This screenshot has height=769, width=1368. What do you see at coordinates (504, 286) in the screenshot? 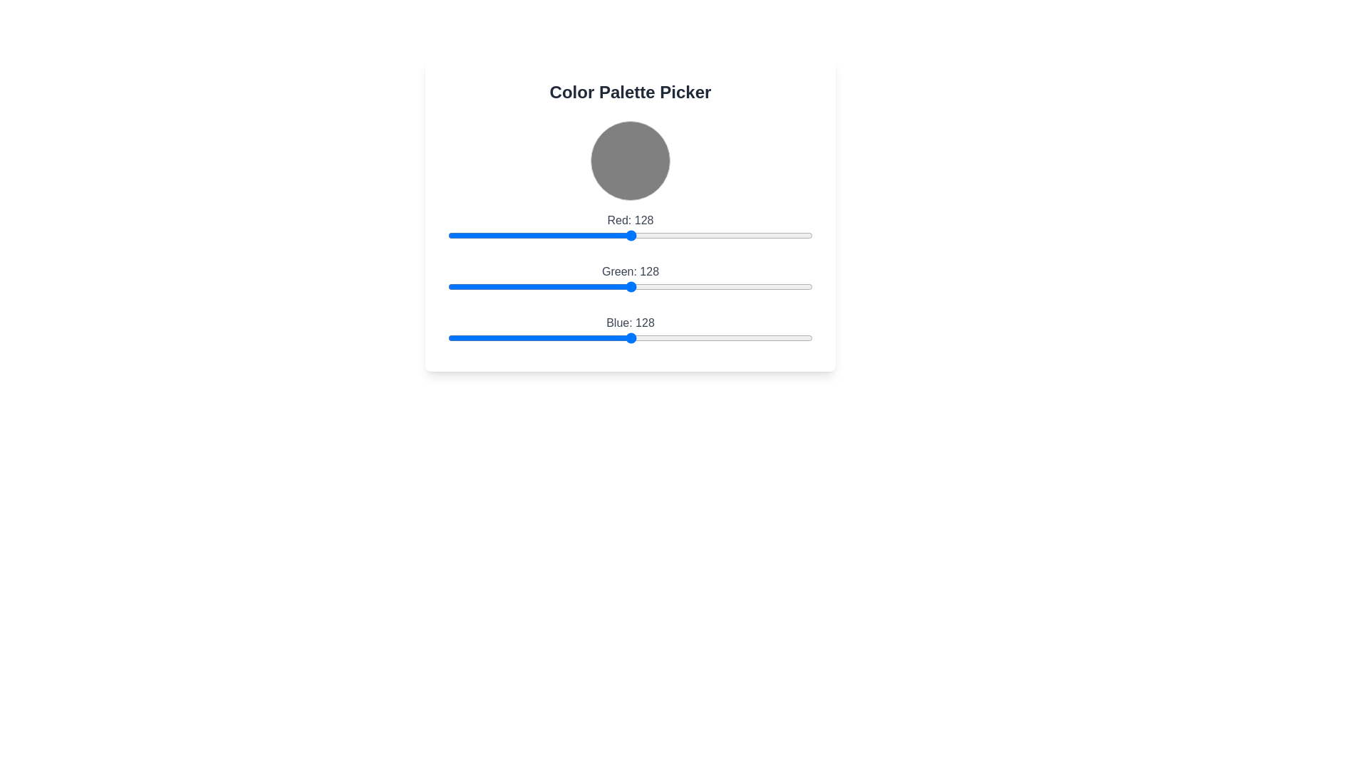
I see `the green color value` at bounding box center [504, 286].